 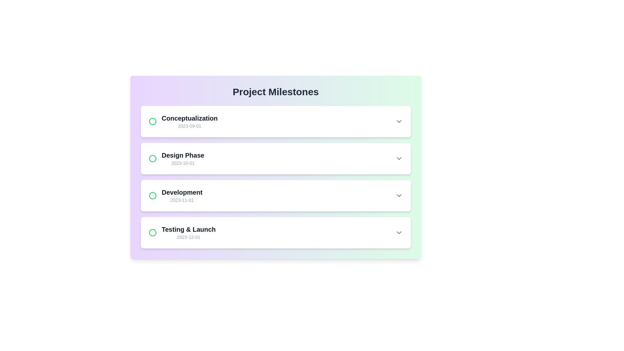 What do you see at coordinates (183, 162) in the screenshot?
I see `the non-interactive text label displaying the date associated with the 'Design Phase' milestone, located below the 'Design Phase' text in a vertical list` at bounding box center [183, 162].